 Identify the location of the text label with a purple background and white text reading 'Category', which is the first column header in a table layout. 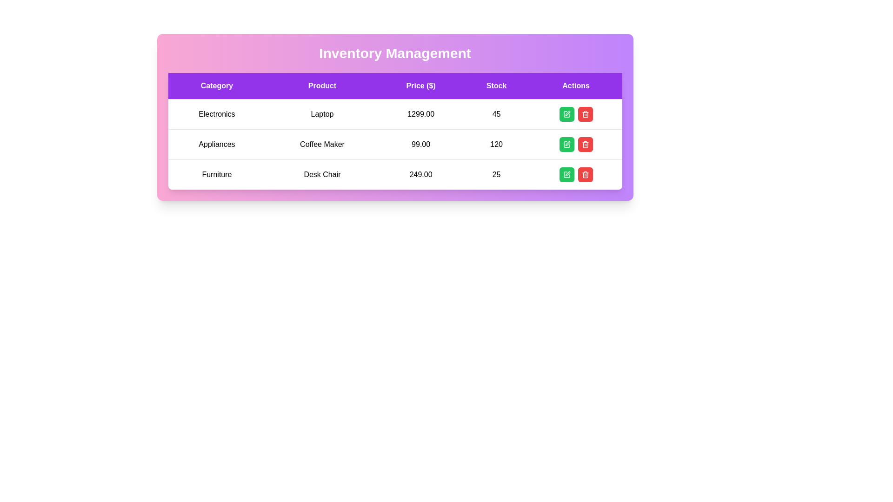
(216, 86).